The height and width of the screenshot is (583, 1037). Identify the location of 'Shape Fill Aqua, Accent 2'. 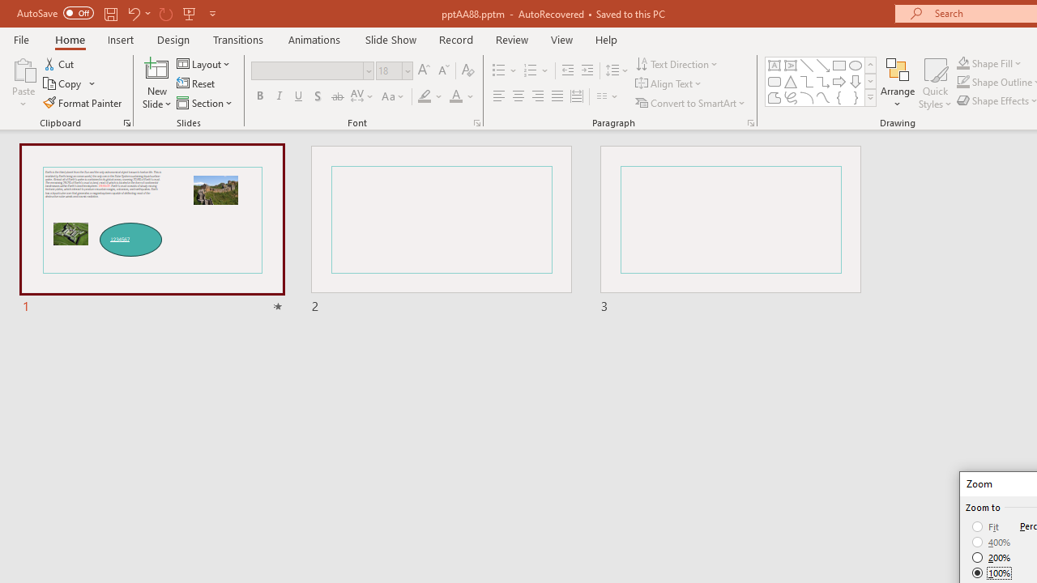
(963, 62).